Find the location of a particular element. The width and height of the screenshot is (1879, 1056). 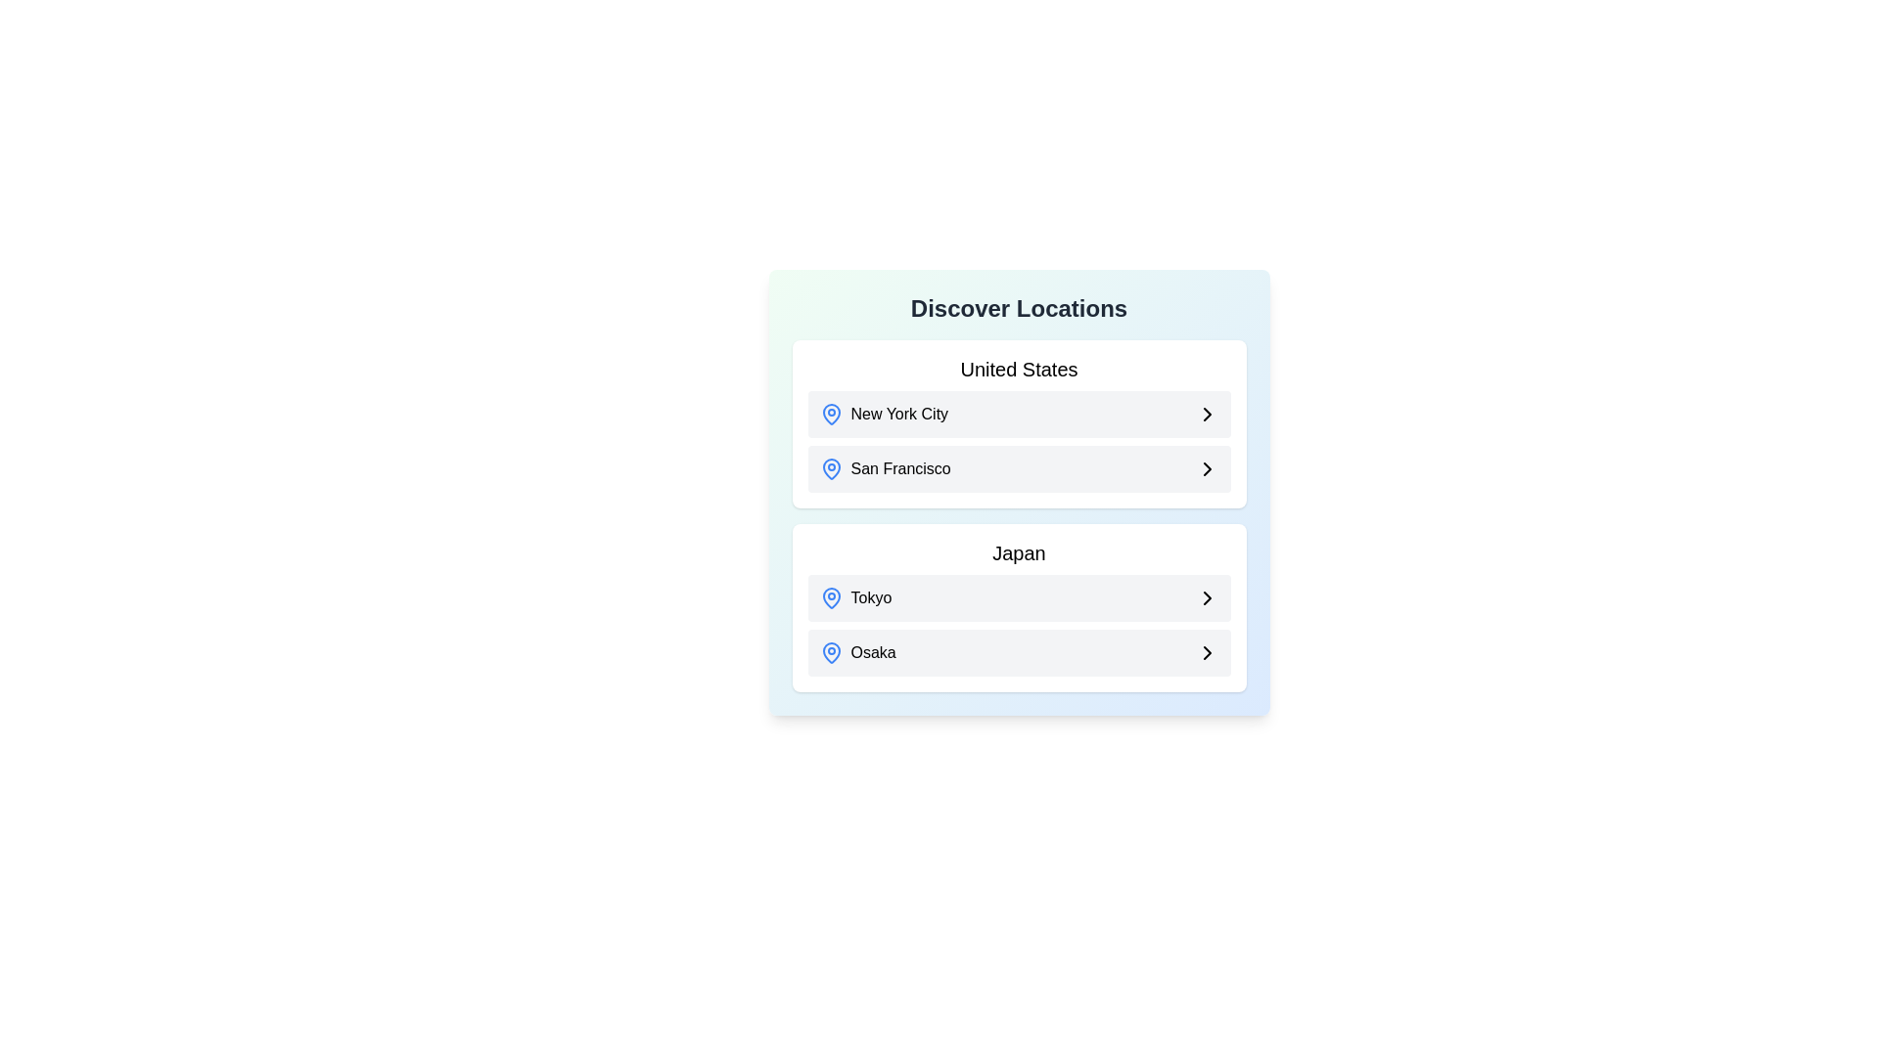

the right-facing chevron icon in the 'Osaka' section under the 'Japan' category on the Discover Locations page is located at coordinates (1206, 652).